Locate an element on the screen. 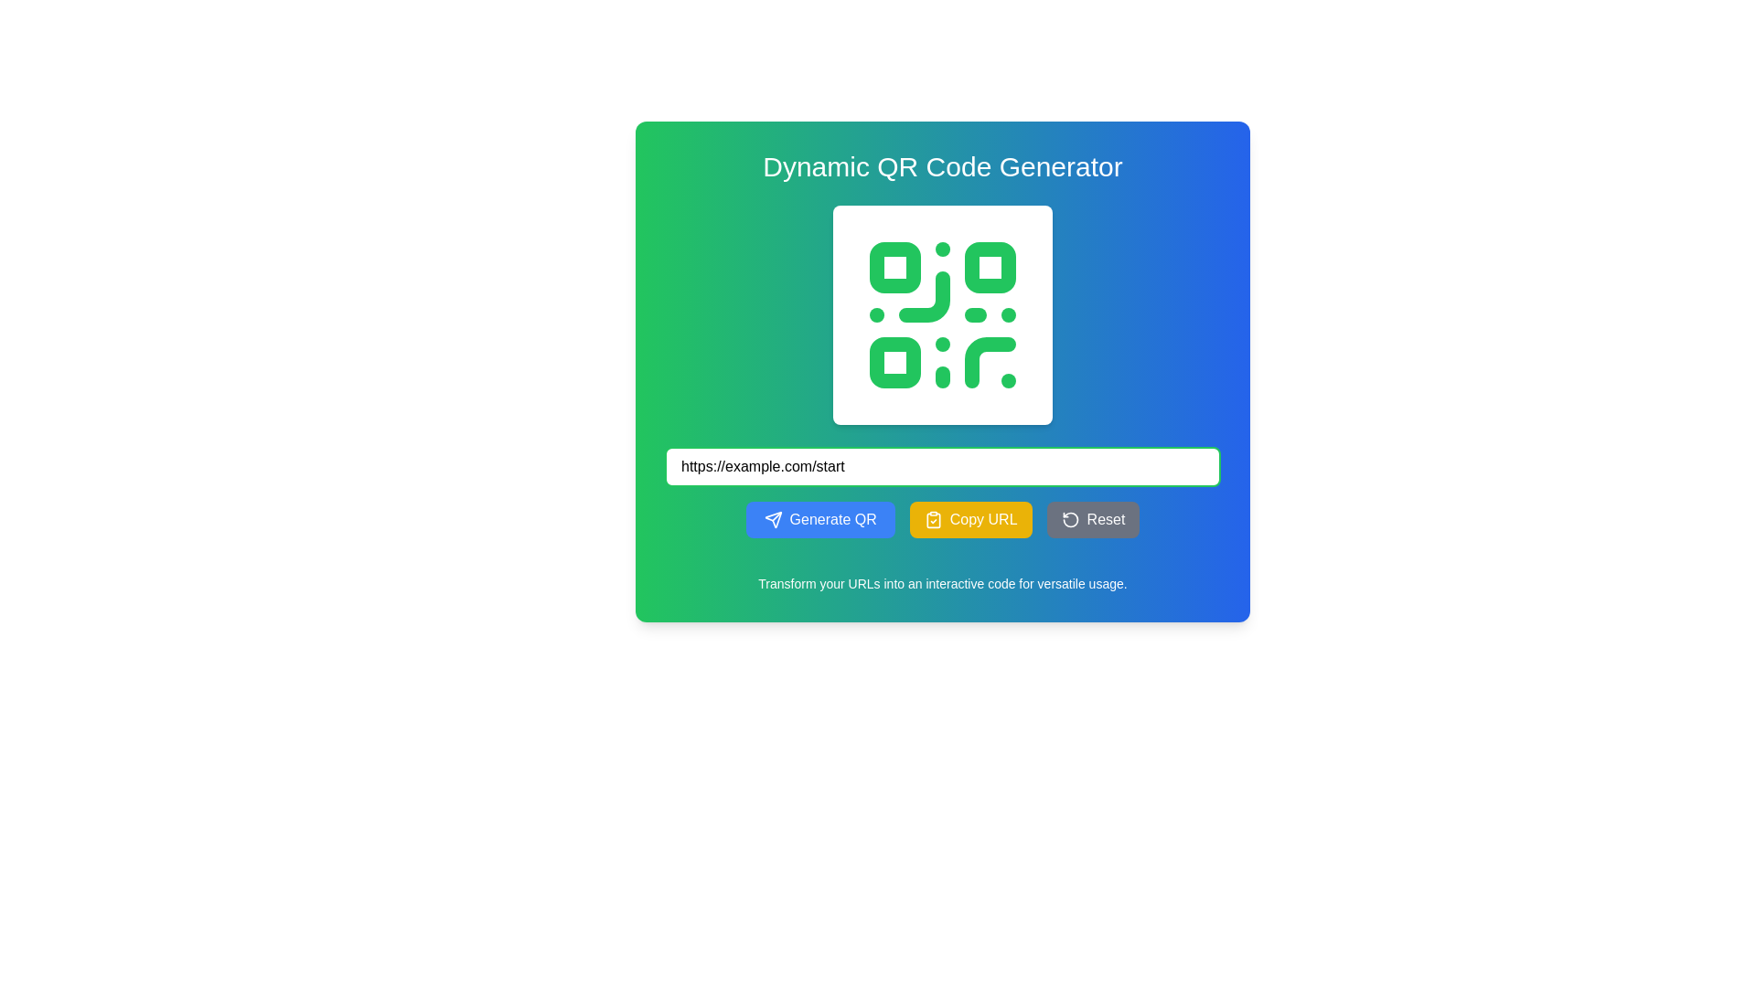  the clipboard check icon represented by a vector graphic in the lower-right portion of the interface is located at coordinates (933, 520).